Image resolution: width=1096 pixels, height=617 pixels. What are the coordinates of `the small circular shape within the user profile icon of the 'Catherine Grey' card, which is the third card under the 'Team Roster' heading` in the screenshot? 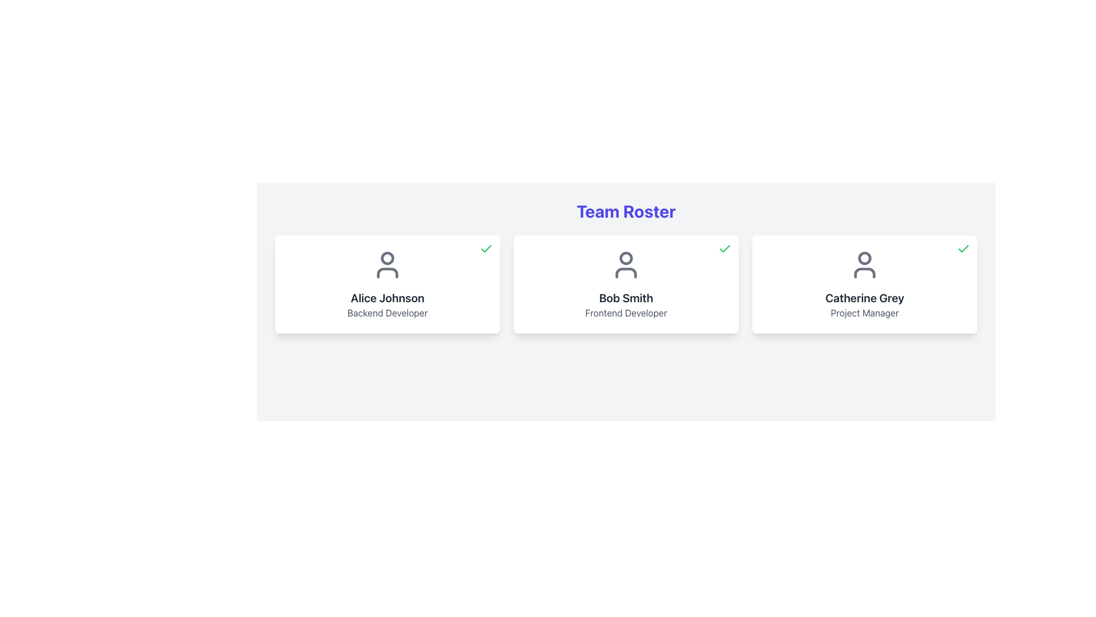 It's located at (865, 258).